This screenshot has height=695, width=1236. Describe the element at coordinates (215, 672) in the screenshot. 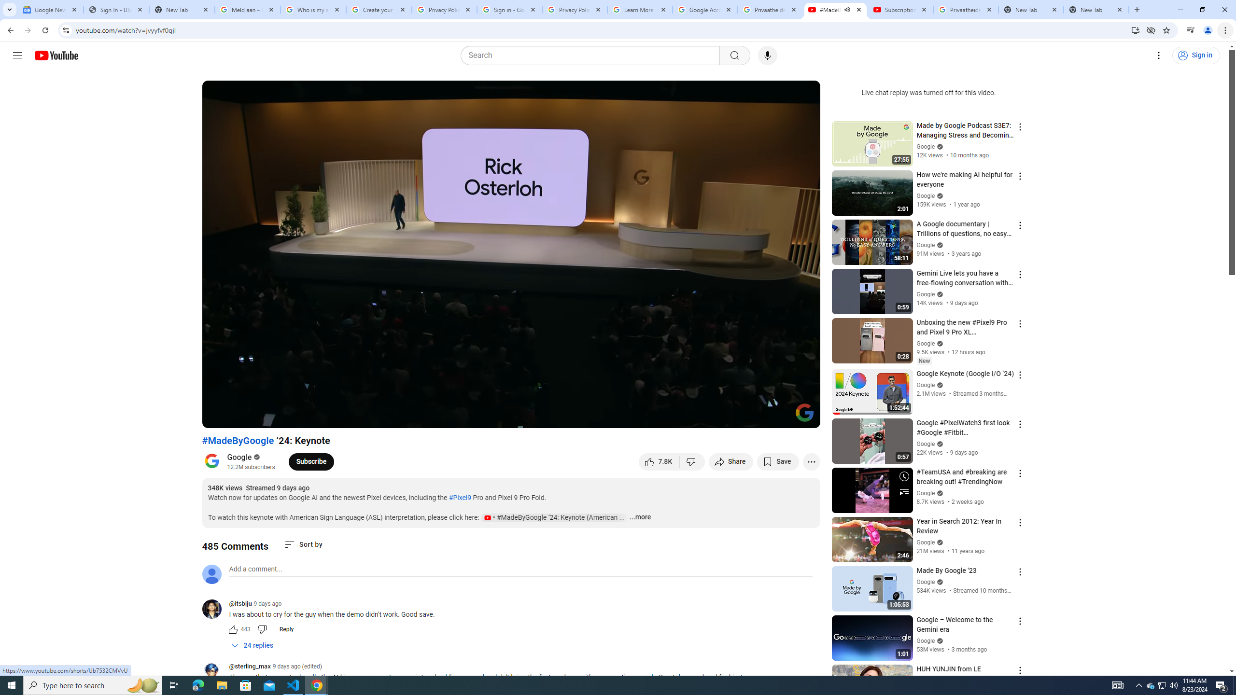

I see `'@sterling_max'` at that location.